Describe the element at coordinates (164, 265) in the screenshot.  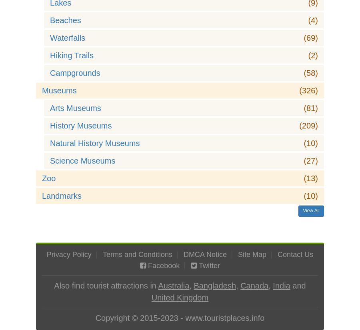
I see `'Facebook'` at that location.